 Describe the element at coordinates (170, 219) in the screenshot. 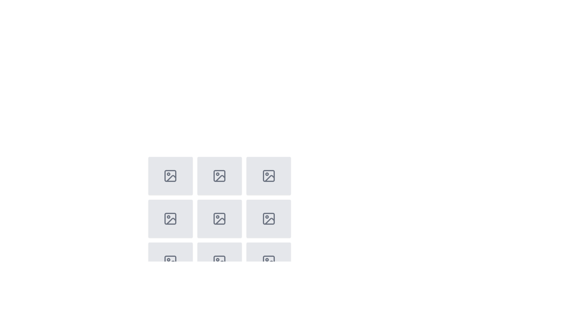

I see `the graphical placeholder icon representing an image, located in the center of its gray background panel, which is the third item in the second row of the grid layout` at that location.